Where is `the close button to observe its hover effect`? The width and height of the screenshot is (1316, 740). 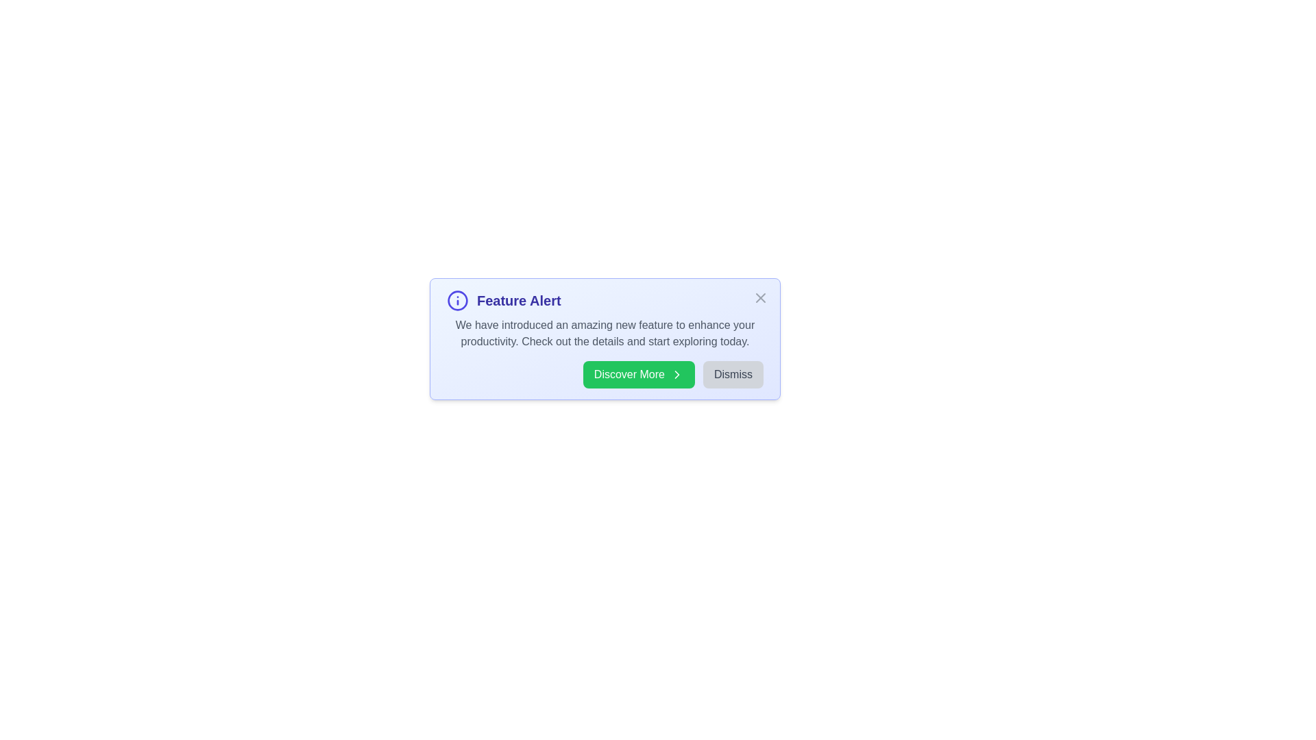 the close button to observe its hover effect is located at coordinates (759, 297).